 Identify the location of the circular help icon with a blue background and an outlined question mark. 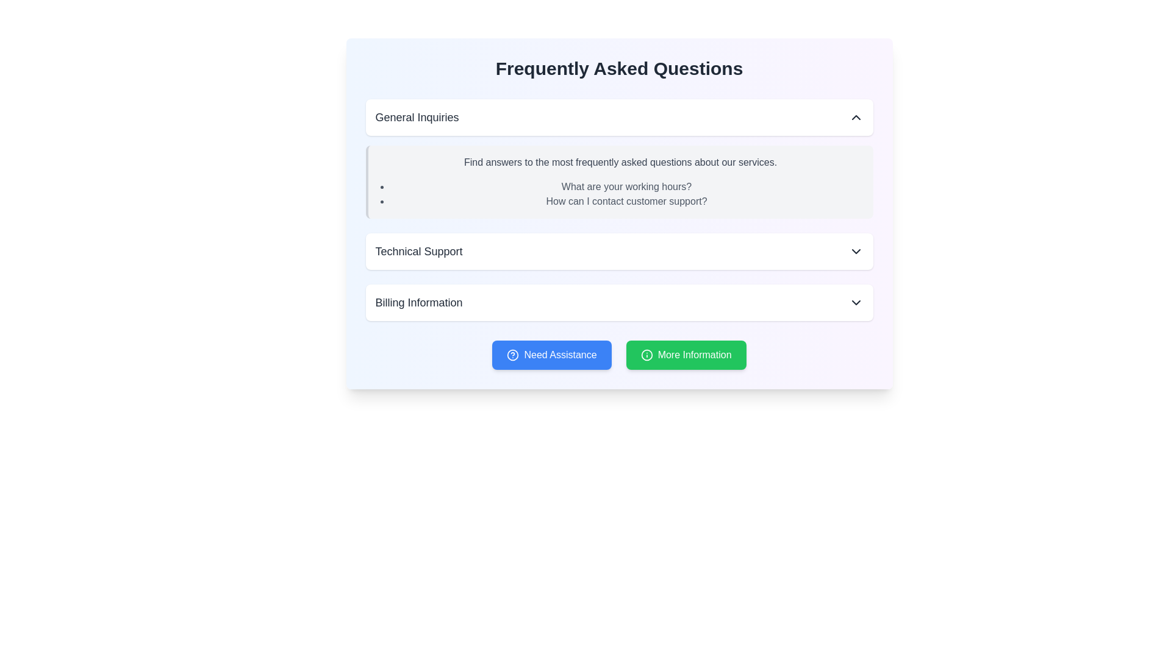
(513, 355).